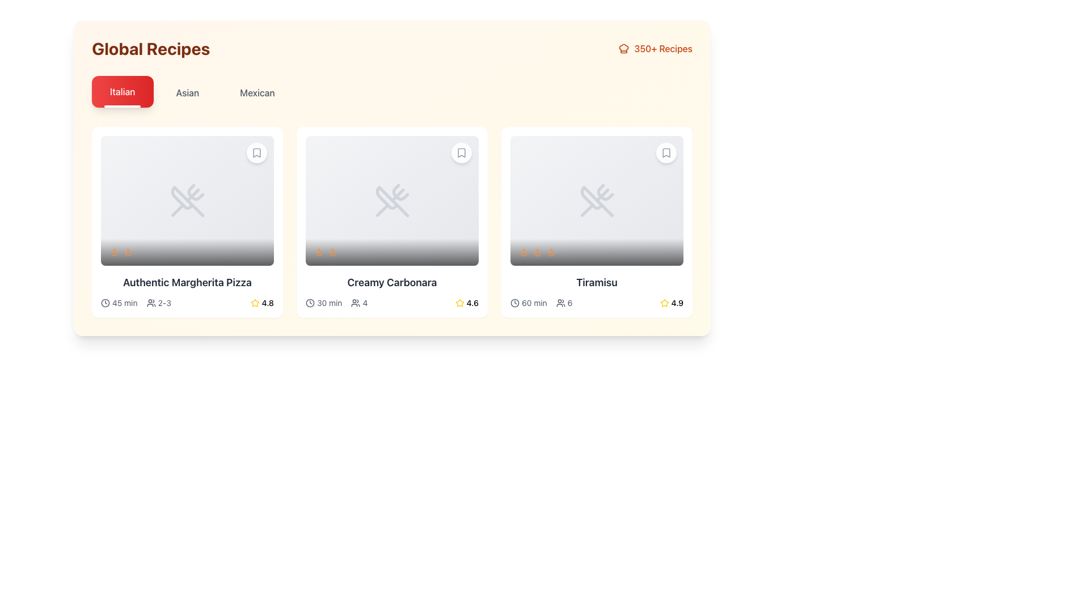 This screenshot has width=1089, height=612. What do you see at coordinates (596, 282) in the screenshot?
I see `the text label that serves as the title of the recipe card, located at the bottom of the third card in a horizontal list` at bounding box center [596, 282].